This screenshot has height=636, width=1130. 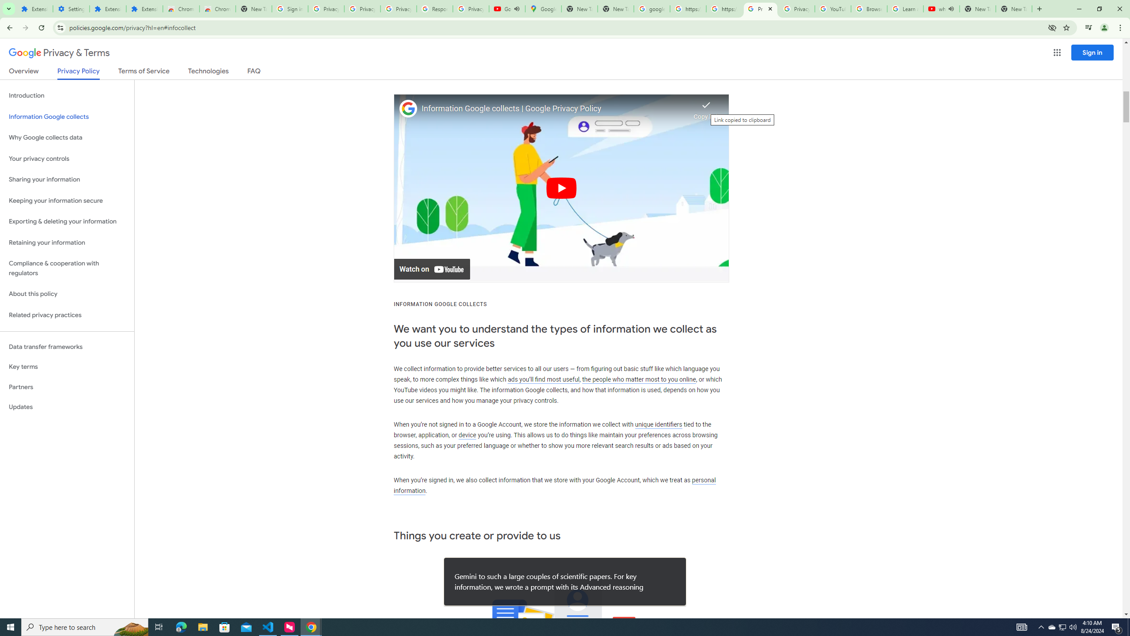 I want to click on 'Key terms', so click(x=67, y=367).